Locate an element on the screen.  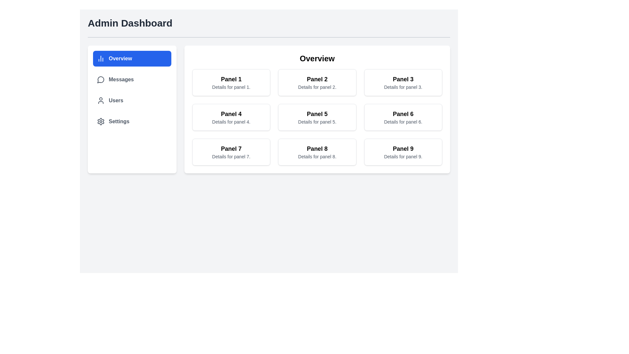
bold text element that says 'Panel 6', located at the top-center of its card in the second row, third column of the grid layout is located at coordinates (403, 113).